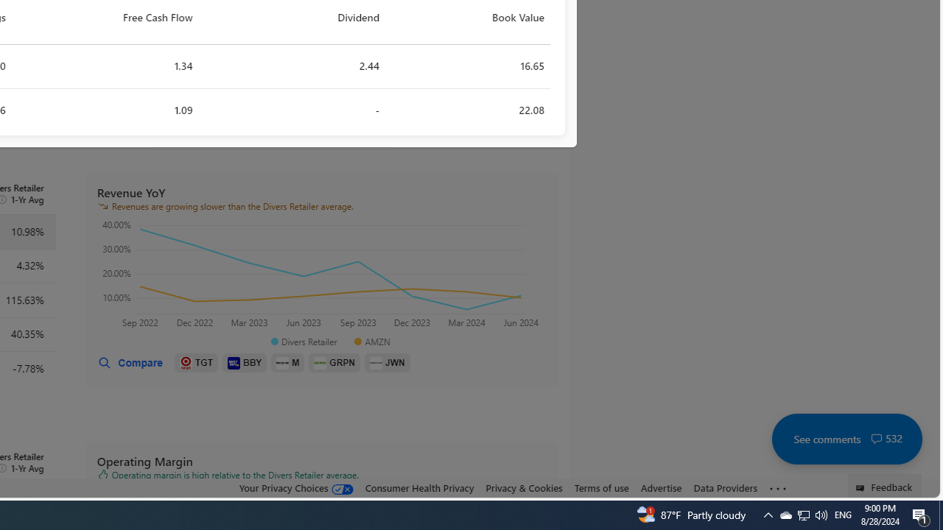  Describe the element at coordinates (245, 363) in the screenshot. I see `'BBY'` at that location.